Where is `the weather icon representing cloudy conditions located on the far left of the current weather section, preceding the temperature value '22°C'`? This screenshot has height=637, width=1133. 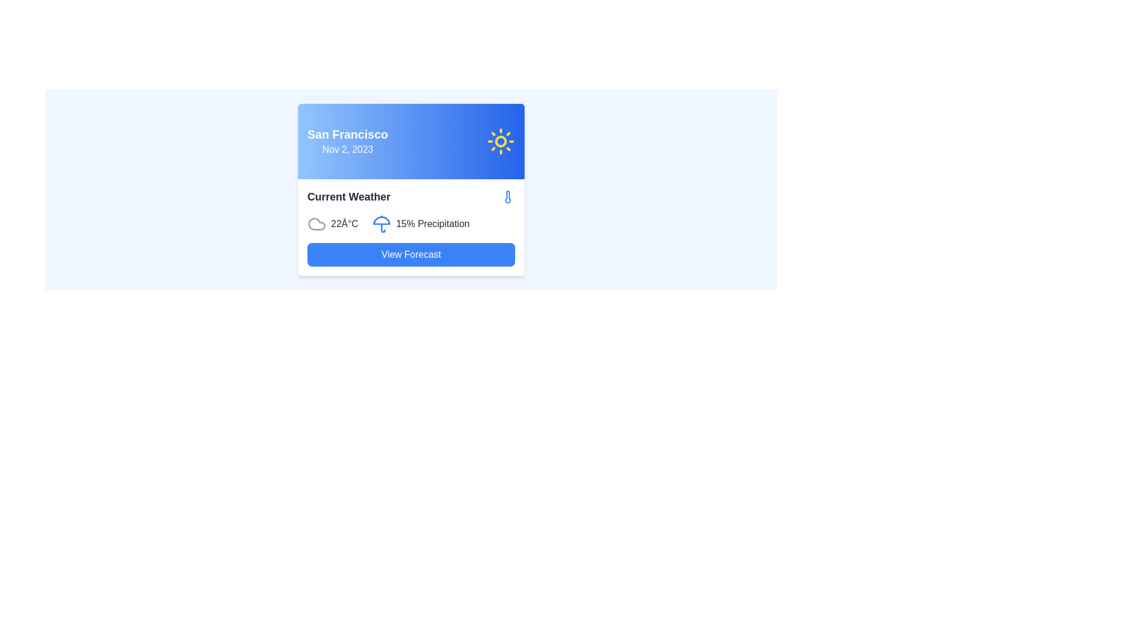
the weather icon representing cloudy conditions located on the far left of the current weather section, preceding the temperature value '22°C' is located at coordinates (317, 224).